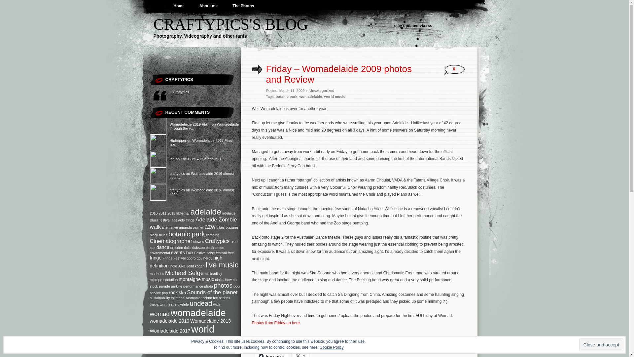  Describe the element at coordinates (275, 322) in the screenshot. I see `'Photos from Friday up here'` at that location.